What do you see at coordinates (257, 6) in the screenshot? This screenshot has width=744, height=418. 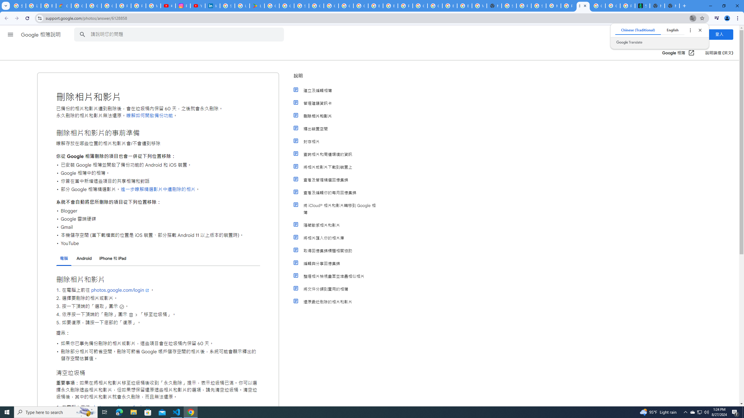 I see `'Last Shelter: Survival - Apps on Google Play'` at bounding box center [257, 6].